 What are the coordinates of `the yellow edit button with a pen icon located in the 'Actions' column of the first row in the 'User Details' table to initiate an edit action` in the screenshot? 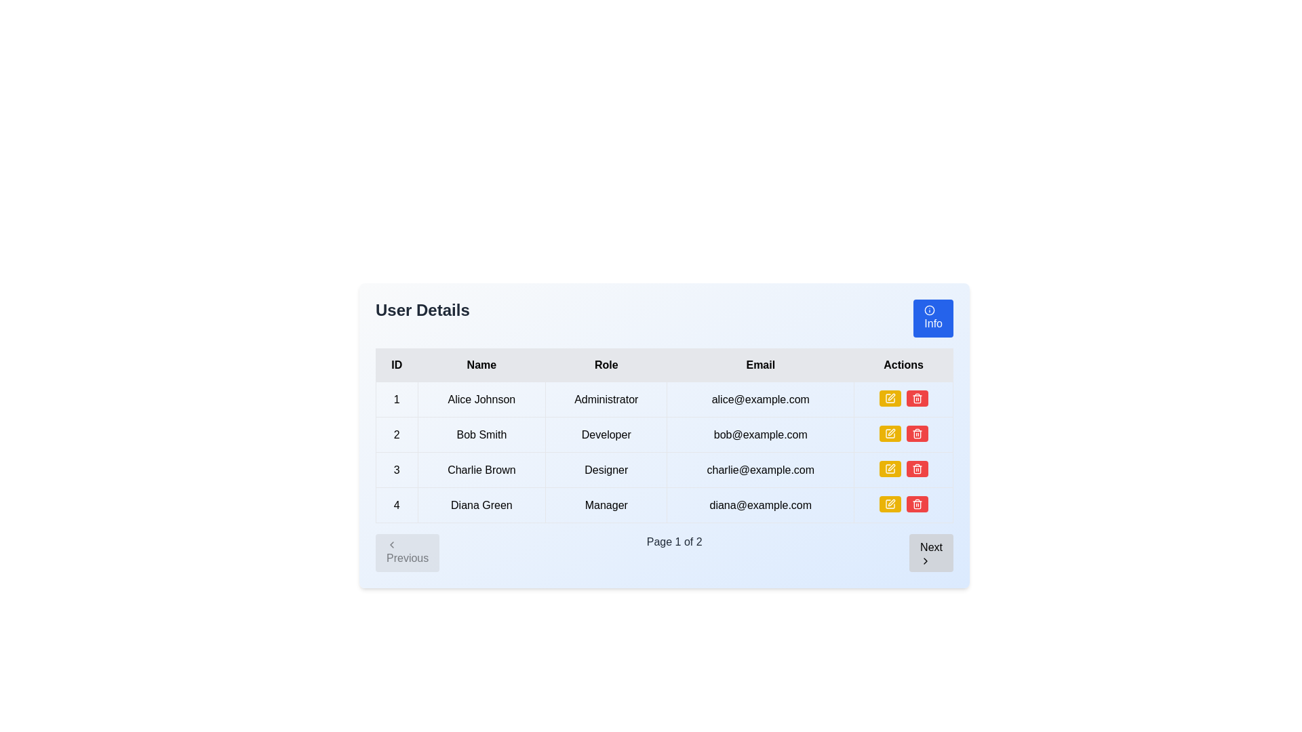 It's located at (890, 397).